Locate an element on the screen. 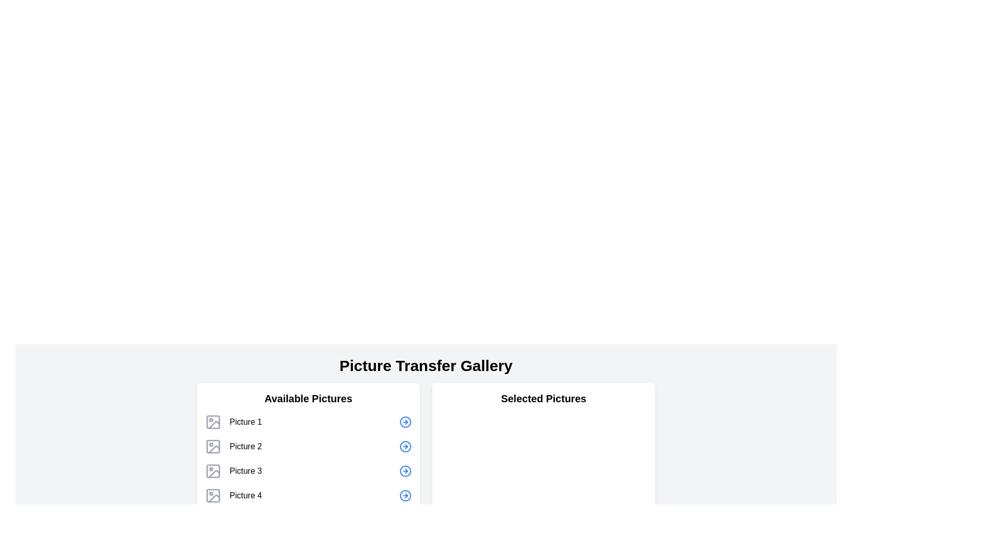 This screenshot has height=552, width=982. properties of the icon representing 'Picture 4' located to the left of the text in the 'Available Pictures' section is located at coordinates (213, 495).